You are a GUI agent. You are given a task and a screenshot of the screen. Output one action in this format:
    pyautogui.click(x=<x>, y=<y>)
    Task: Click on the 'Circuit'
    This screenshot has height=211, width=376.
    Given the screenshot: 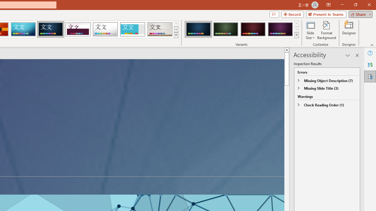 What is the action you would take?
    pyautogui.click(x=23, y=29)
    